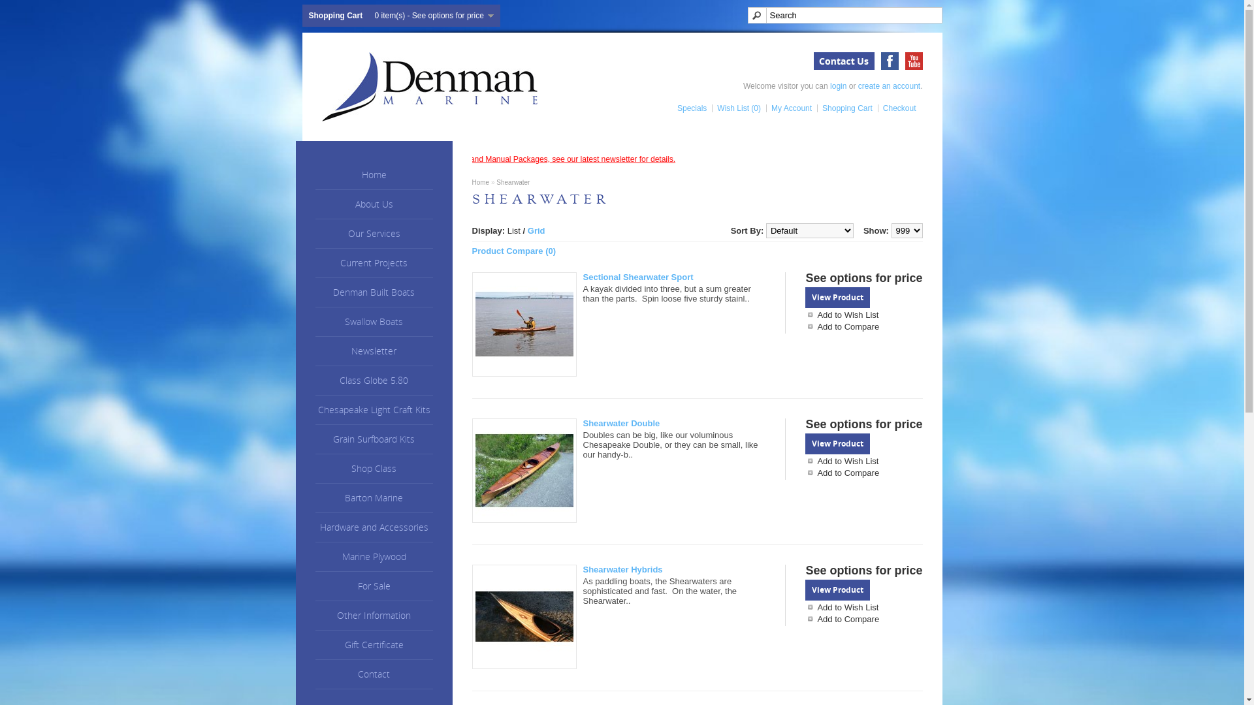 This screenshot has height=705, width=1254. Describe the element at coordinates (512, 182) in the screenshot. I see `'Shearwater'` at that location.